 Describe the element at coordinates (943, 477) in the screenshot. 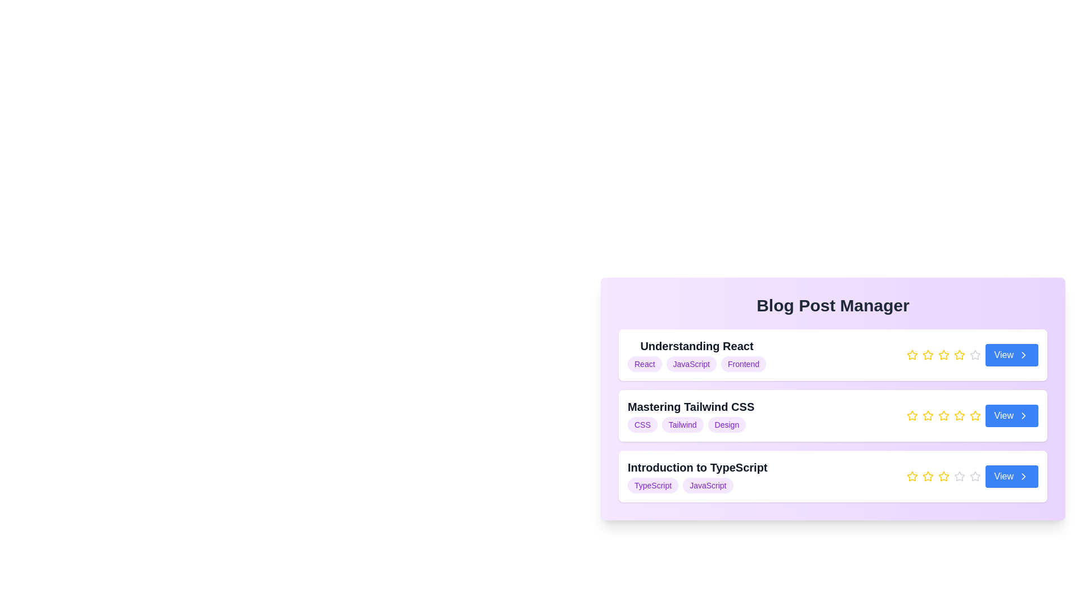

I see `the fourth star icon in the rating system for the 'Introduction to TypeScript' item, which is styled with a yellow outline and a hollow center` at that location.